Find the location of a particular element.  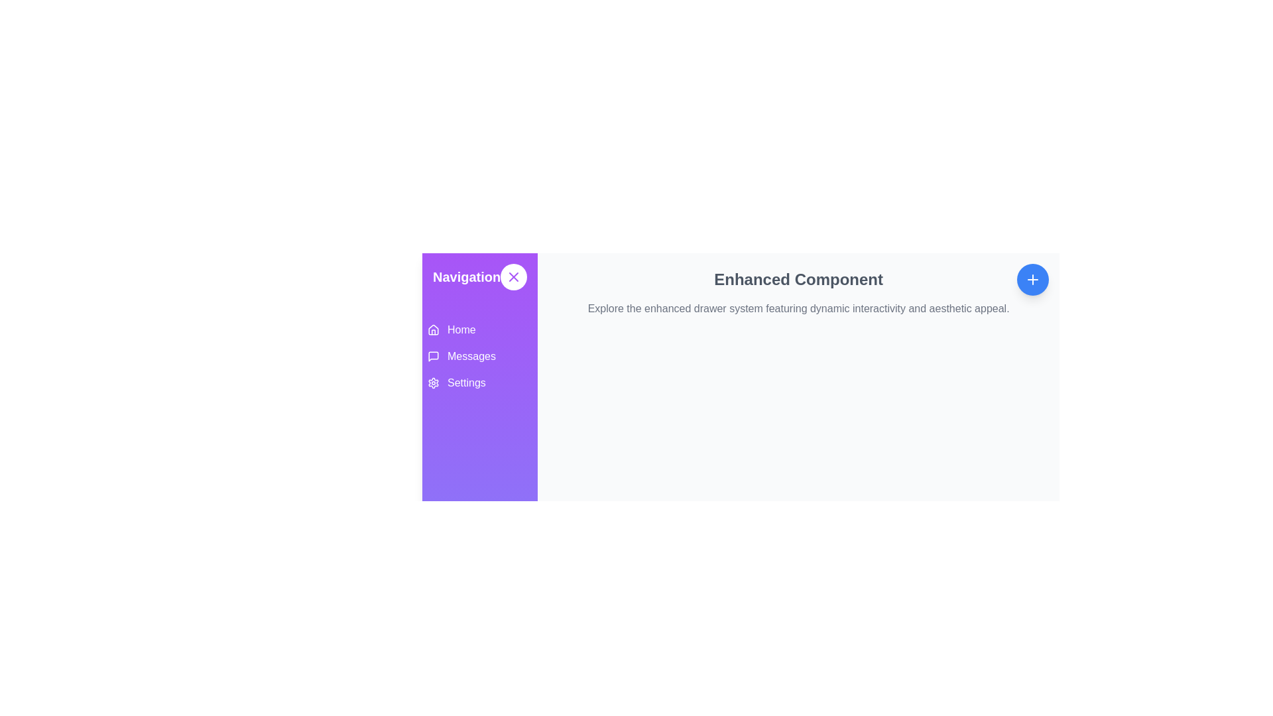

the gray text label reading 'Explore the enhanced drawer system featuring dynamic interactivity and aesthetic appeal.' which is positioned directly below the header 'Enhanced Component' is located at coordinates (798, 309).